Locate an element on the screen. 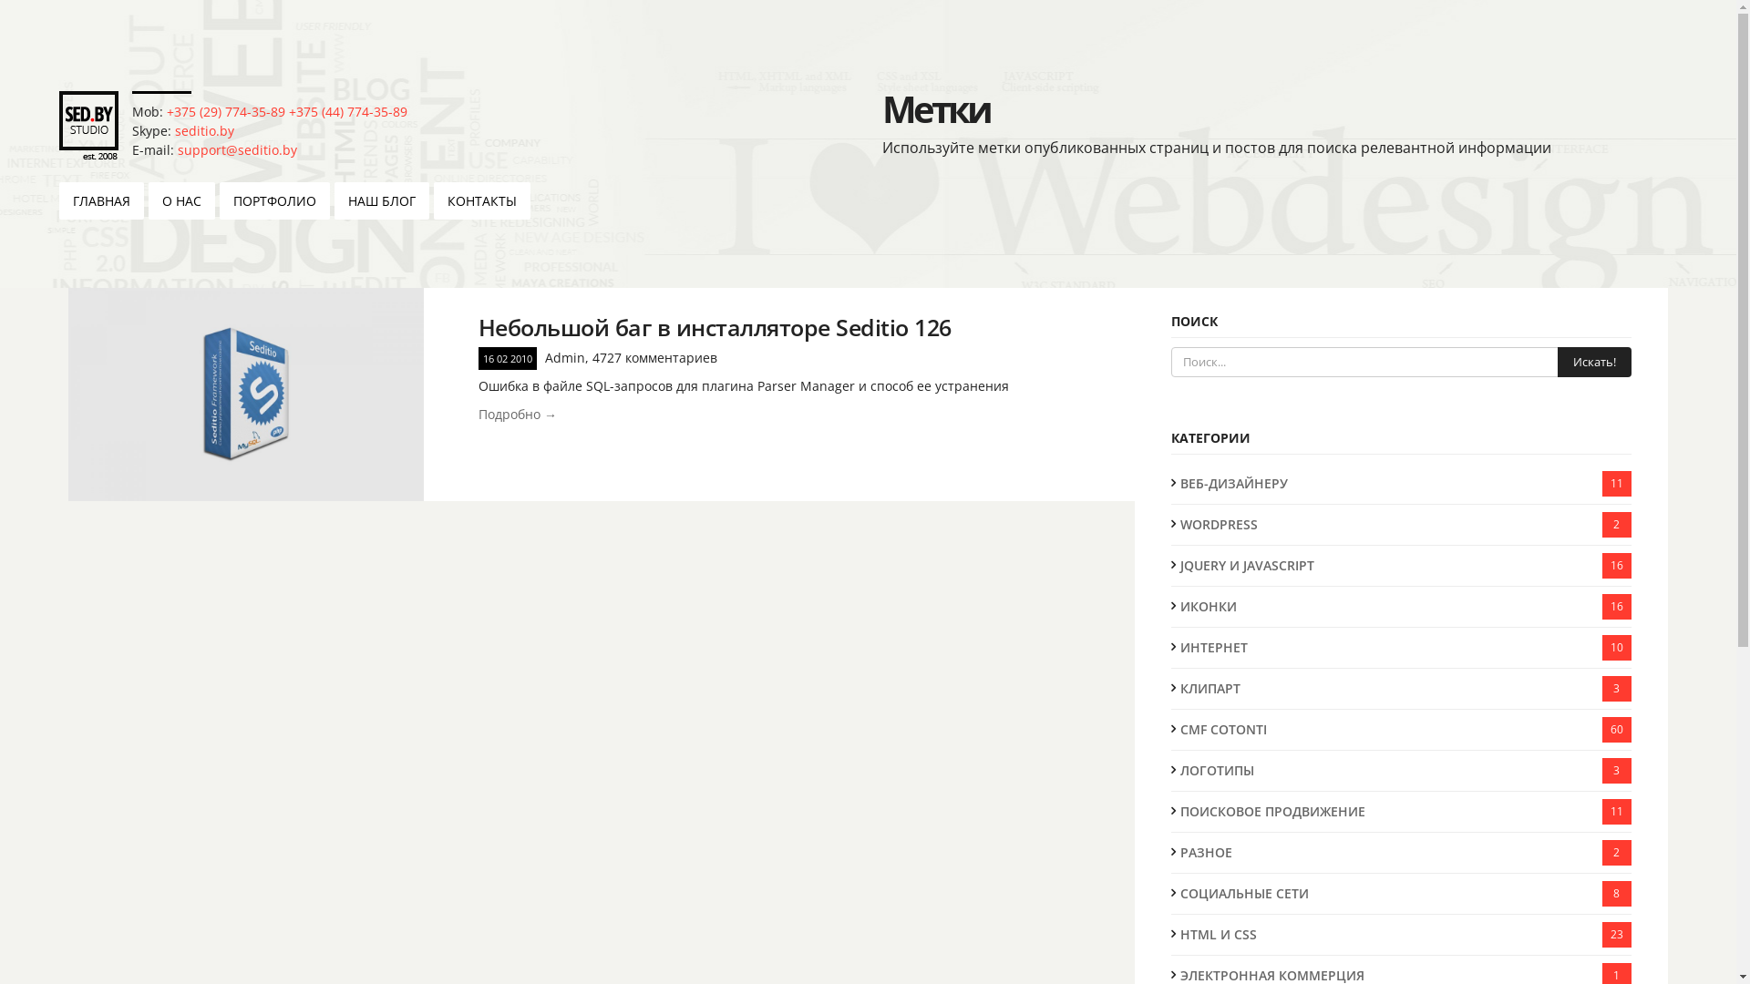 The width and height of the screenshot is (1750, 984). 'support@seditio.by' is located at coordinates (236, 149).